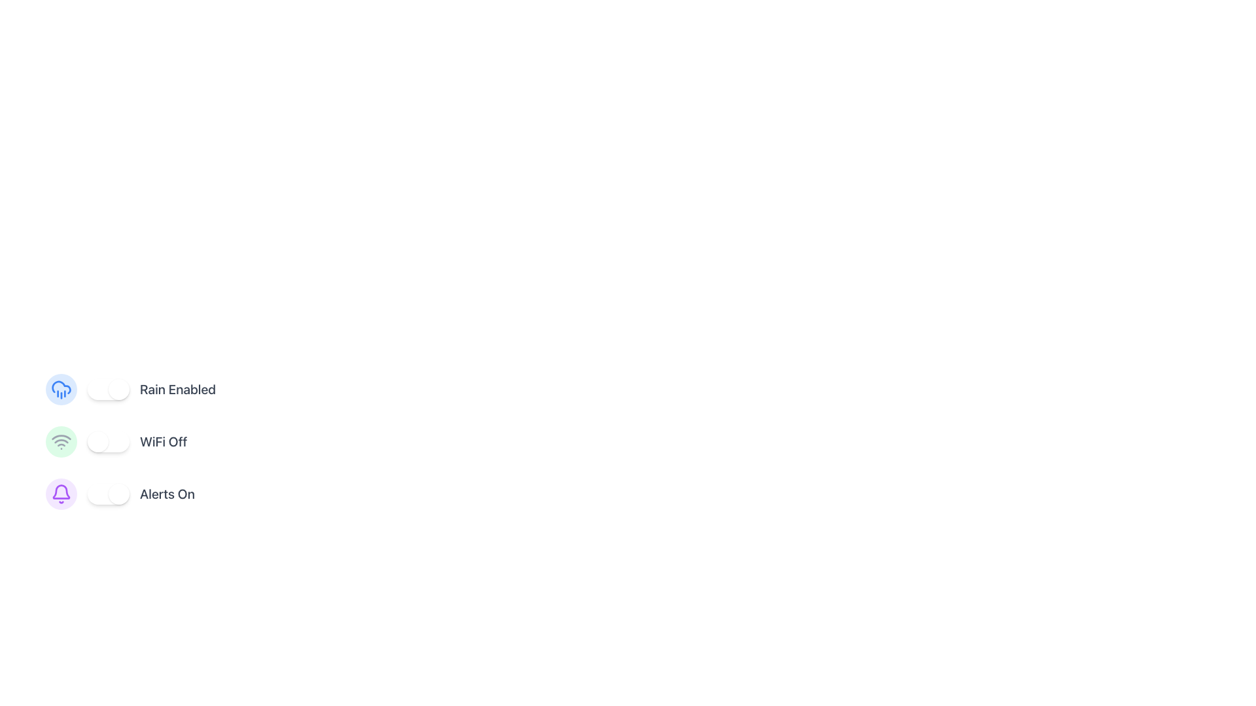 The height and width of the screenshot is (706, 1256). I want to click on the Toggle Switch located in the lower section of the options, so click(120, 494).